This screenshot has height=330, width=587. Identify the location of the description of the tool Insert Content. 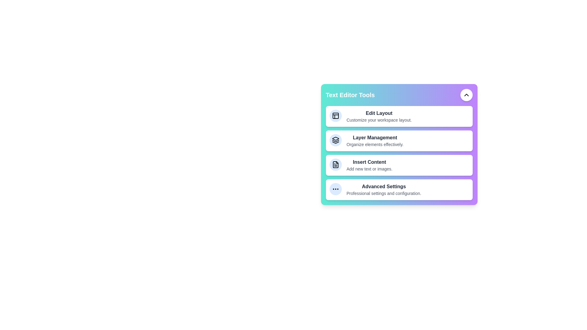
(367, 159).